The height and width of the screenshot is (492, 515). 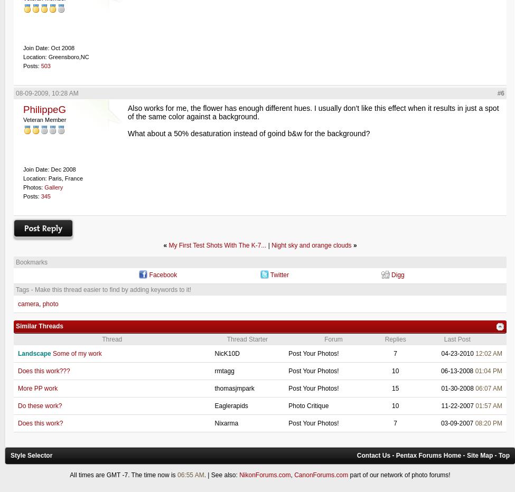 What do you see at coordinates (50, 304) in the screenshot?
I see `'photo'` at bounding box center [50, 304].